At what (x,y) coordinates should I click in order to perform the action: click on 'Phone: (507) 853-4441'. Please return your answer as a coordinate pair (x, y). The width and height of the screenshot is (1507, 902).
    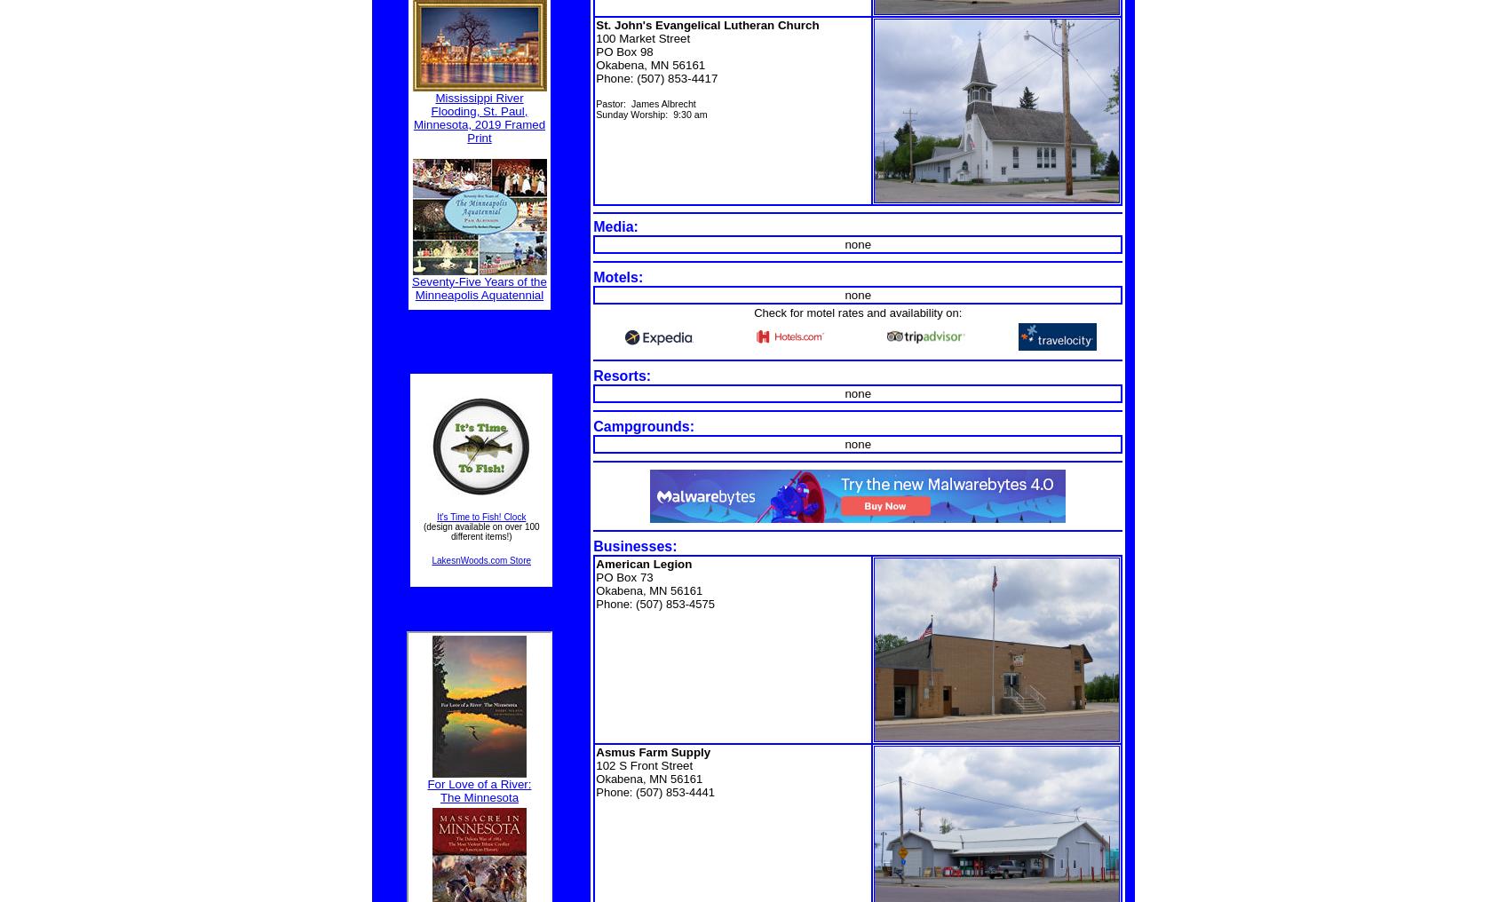
    Looking at the image, I should click on (654, 791).